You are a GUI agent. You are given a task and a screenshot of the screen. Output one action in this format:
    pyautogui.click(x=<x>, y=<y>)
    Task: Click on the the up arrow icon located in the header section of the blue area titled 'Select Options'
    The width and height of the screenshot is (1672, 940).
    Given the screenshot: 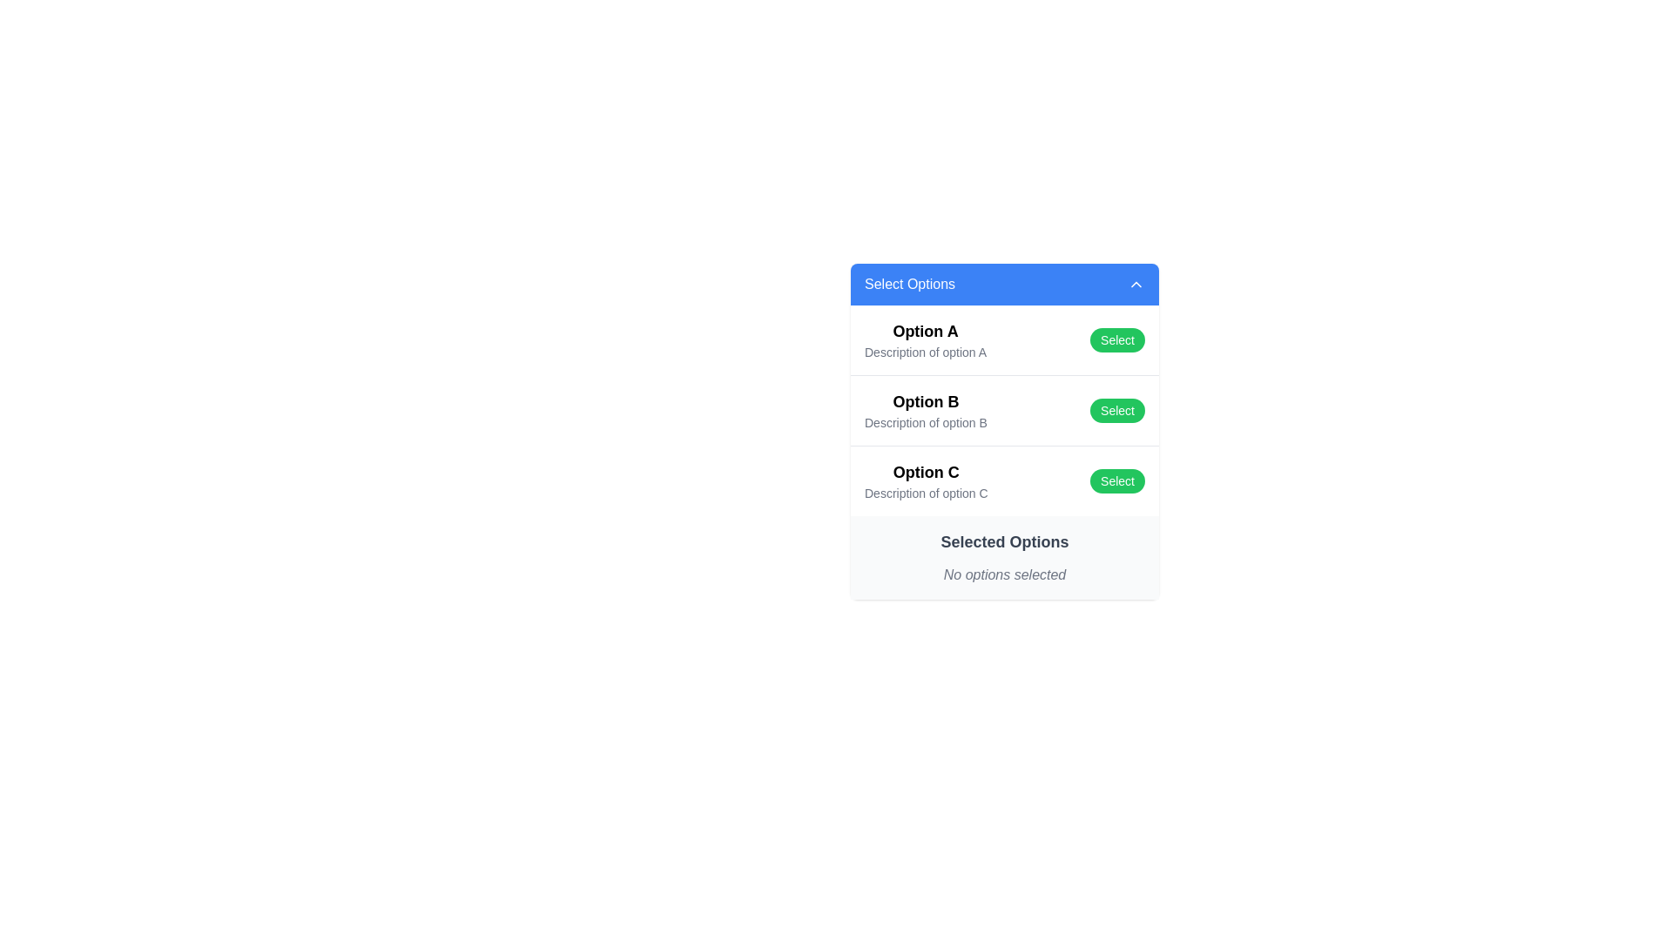 What is the action you would take?
    pyautogui.click(x=1136, y=284)
    